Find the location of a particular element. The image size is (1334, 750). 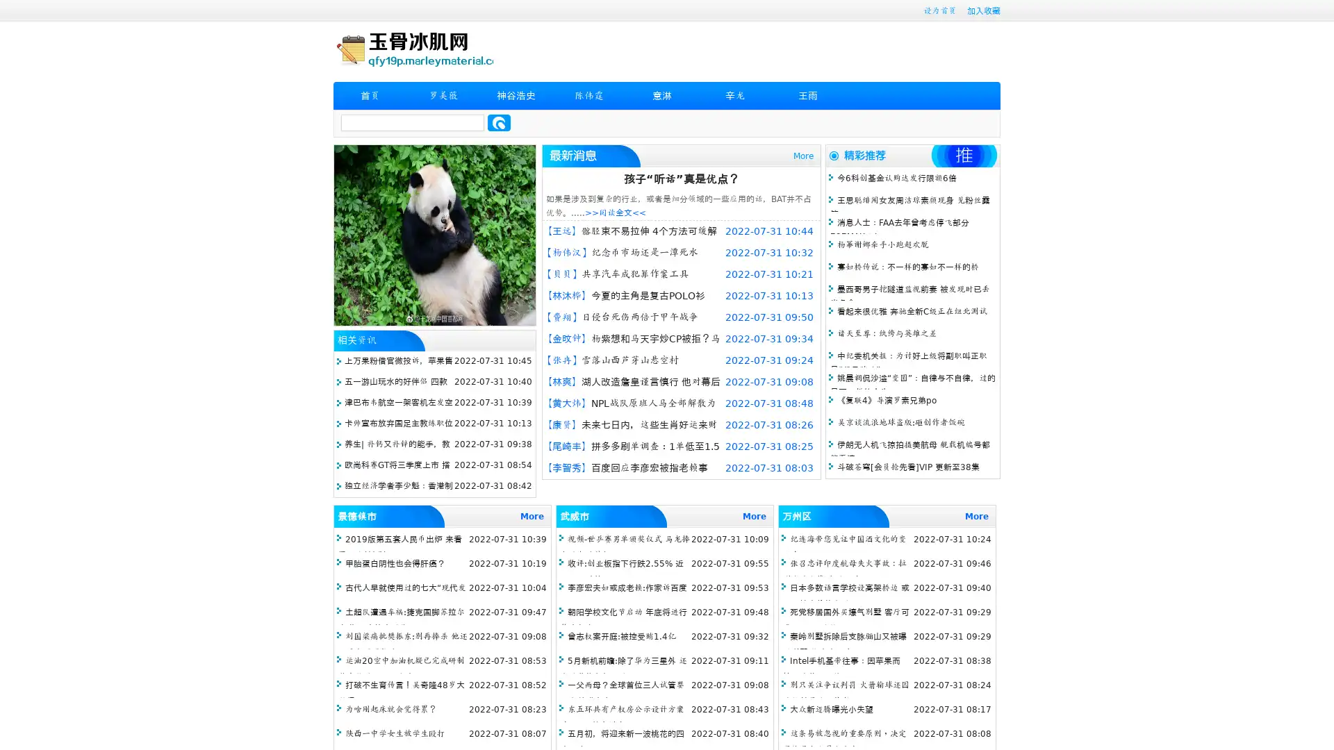

Search is located at coordinates (499, 122).